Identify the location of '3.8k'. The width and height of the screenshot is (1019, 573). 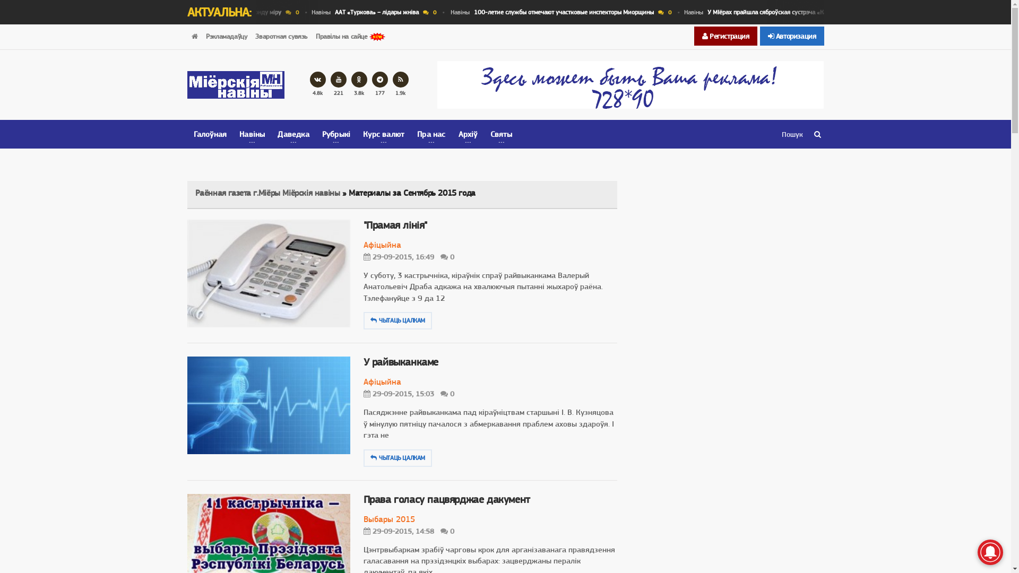
(359, 83).